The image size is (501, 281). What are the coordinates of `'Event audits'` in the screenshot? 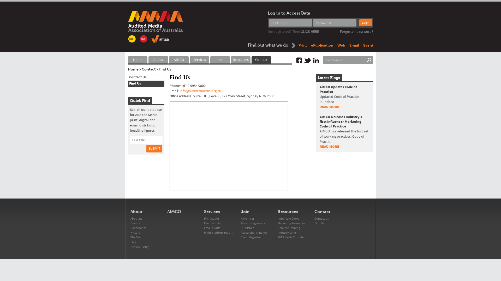 It's located at (212, 223).